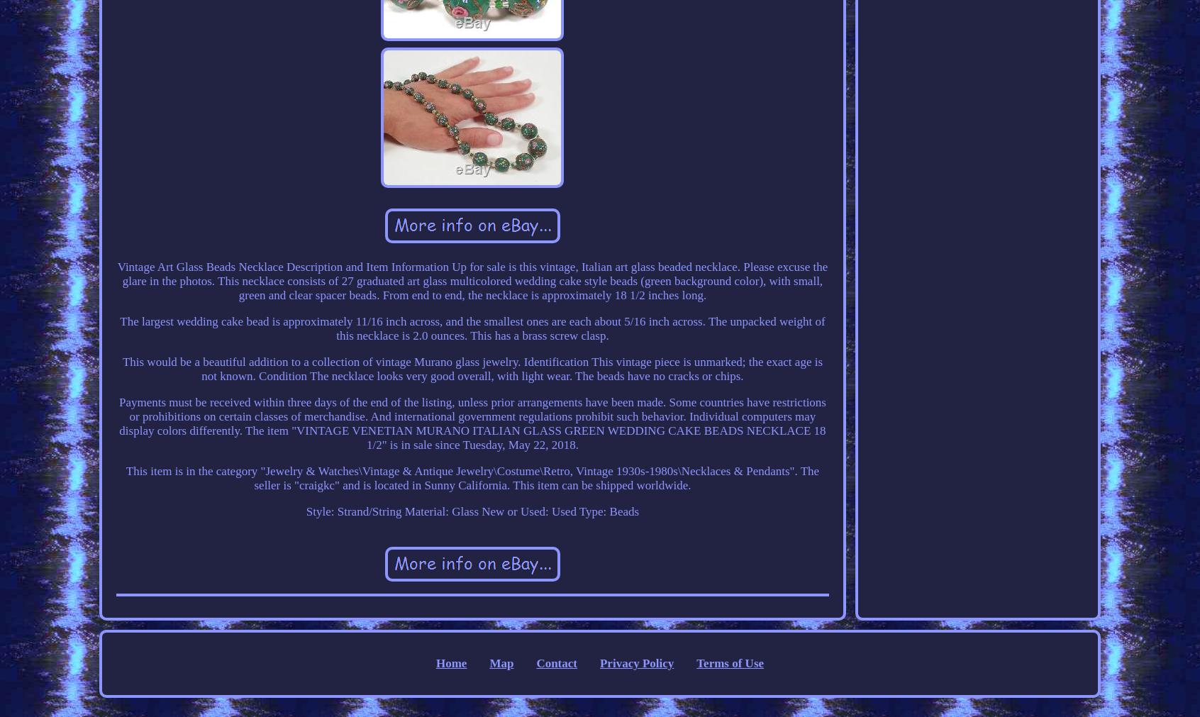 The width and height of the screenshot is (1200, 717). I want to click on 'Vintage Art Glass Beads Necklace Description and Item Information Up for sale is this vintage, Italian art glass beaded necklace. Please excuse the glare in the photos. This necklace consists of 27 graduated art glass multicolored wedding cake style beads (green background color), with small, green and clear spacer beads. From end to end, the necklace is approximately 18 1/2 inches long.', so click(472, 279).